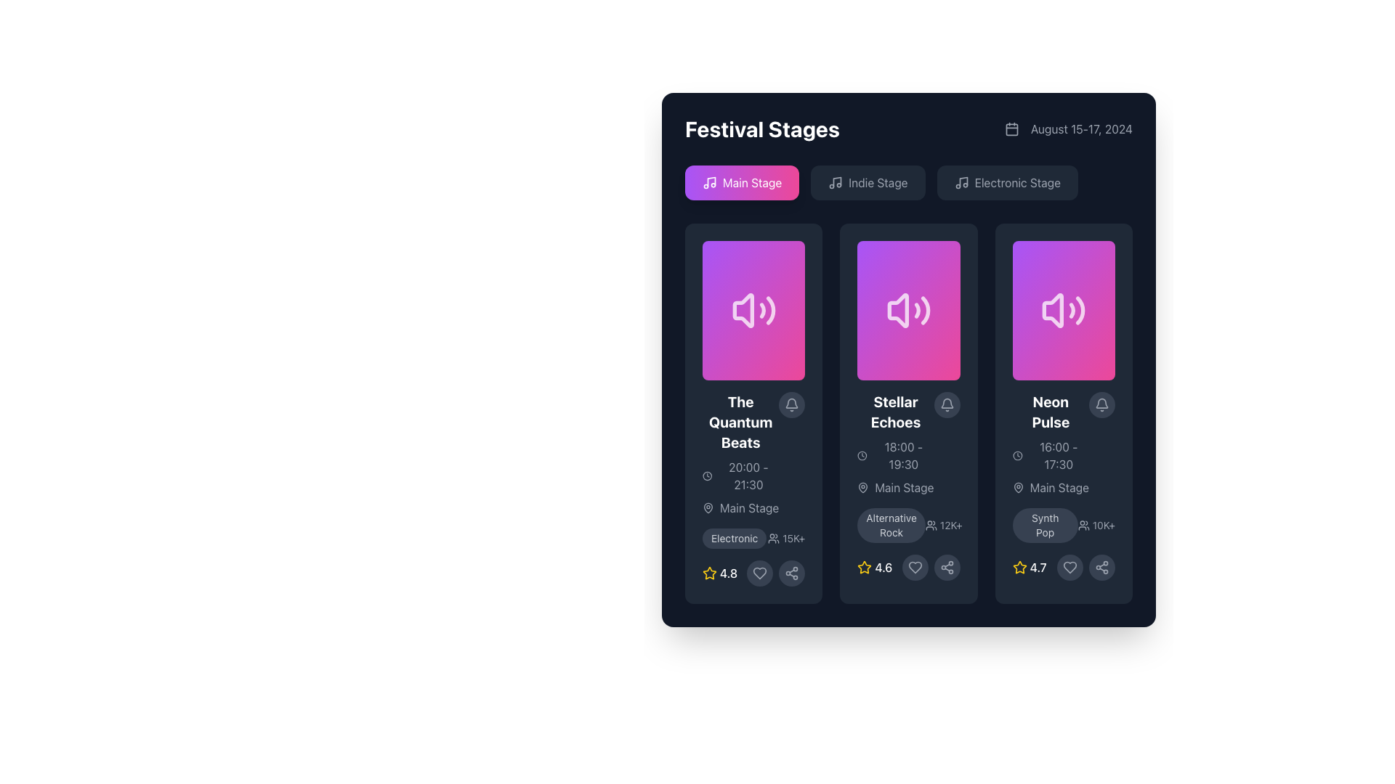  Describe the element at coordinates (740, 507) in the screenshot. I see `the 'Main Stage' labeled icon text, which is a gray text with a small map pin icon to its left, located below the '20:00 - 21:30' text in the card for 'The Quantum Beats'` at that location.